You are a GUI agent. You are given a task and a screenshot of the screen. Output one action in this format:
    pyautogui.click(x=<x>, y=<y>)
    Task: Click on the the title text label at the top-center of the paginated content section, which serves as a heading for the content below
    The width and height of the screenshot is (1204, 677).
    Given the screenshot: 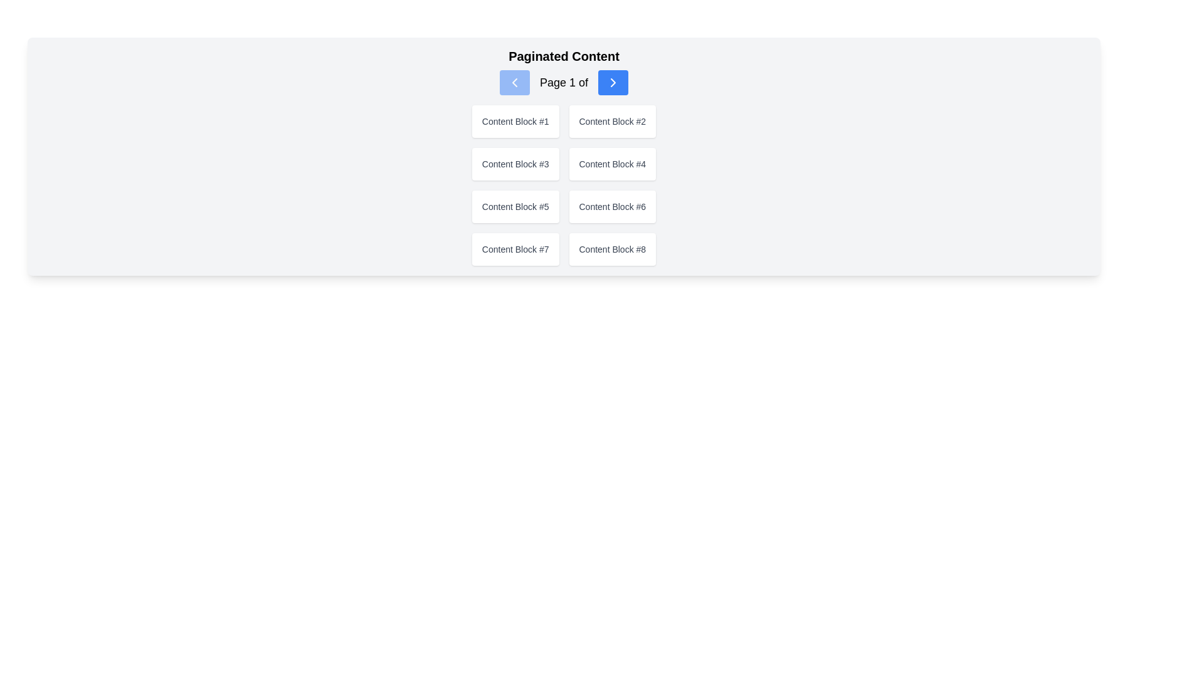 What is the action you would take?
    pyautogui.click(x=563, y=55)
    